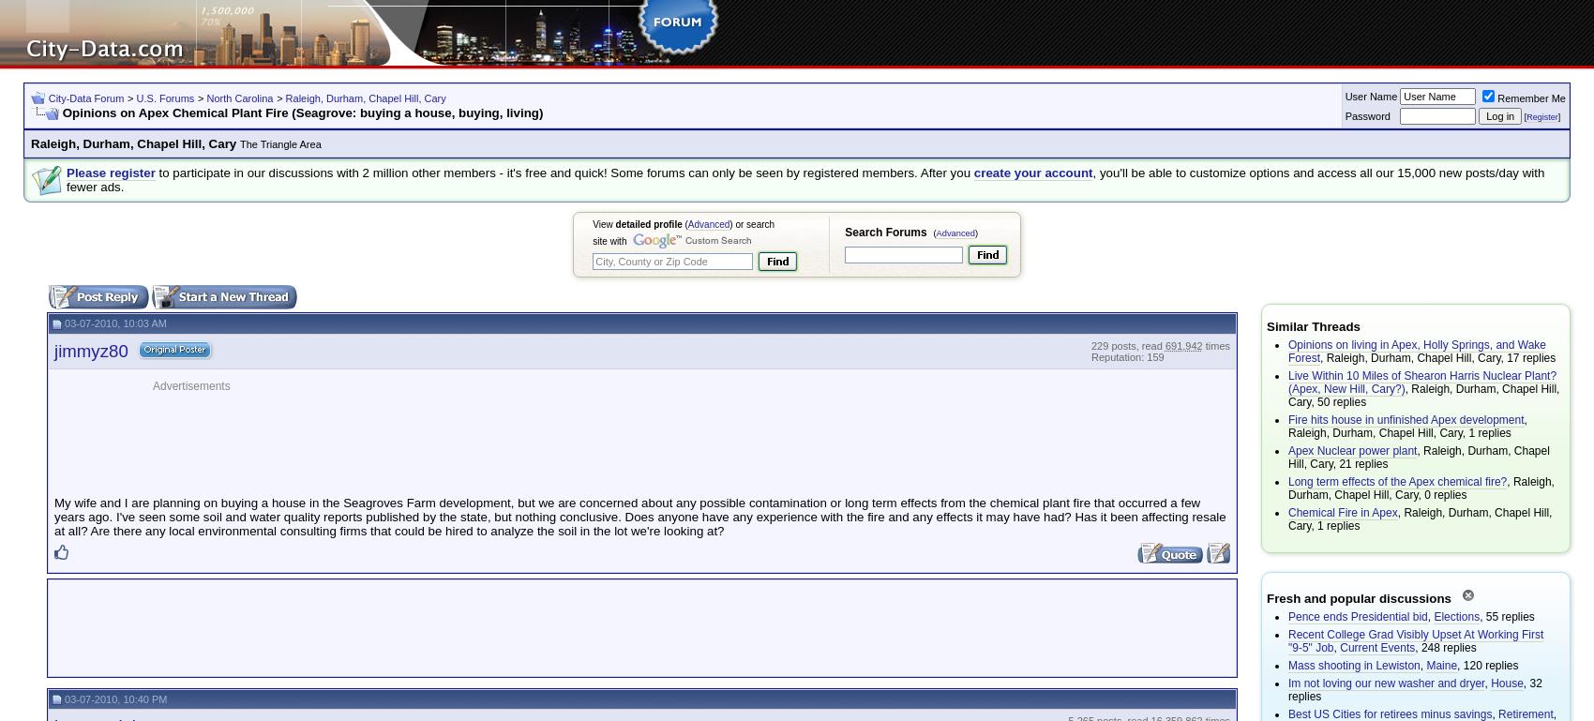  Describe the element at coordinates (85, 98) in the screenshot. I see `'City-Data Forum'` at that location.